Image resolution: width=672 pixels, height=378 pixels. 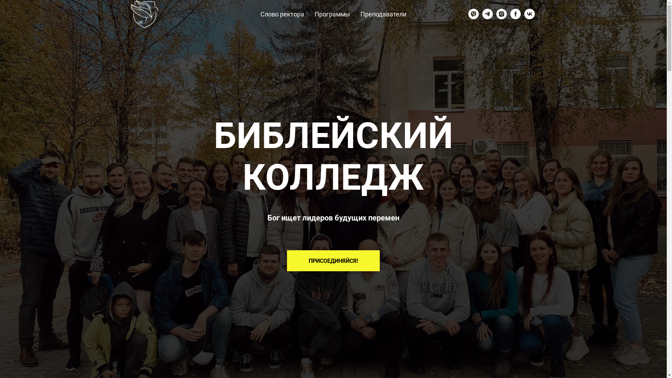 I want to click on 'Telegram', so click(x=487, y=14).